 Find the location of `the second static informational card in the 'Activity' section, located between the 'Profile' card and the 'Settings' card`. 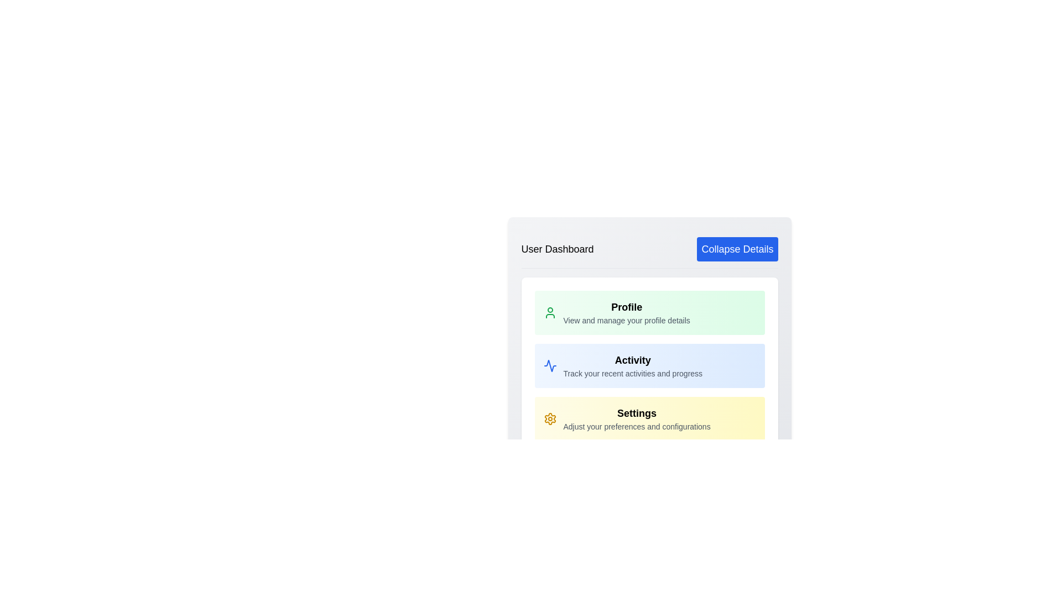

the second static informational card in the 'Activity' section, located between the 'Profile' card and the 'Settings' card is located at coordinates (649, 366).